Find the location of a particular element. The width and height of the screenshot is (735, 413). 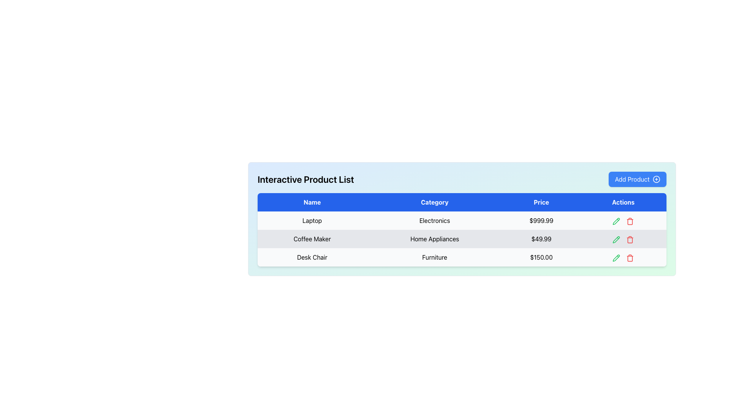

the edit icon button located in the rightmost 'Actions' column of the first row in the table is located at coordinates (616, 221).